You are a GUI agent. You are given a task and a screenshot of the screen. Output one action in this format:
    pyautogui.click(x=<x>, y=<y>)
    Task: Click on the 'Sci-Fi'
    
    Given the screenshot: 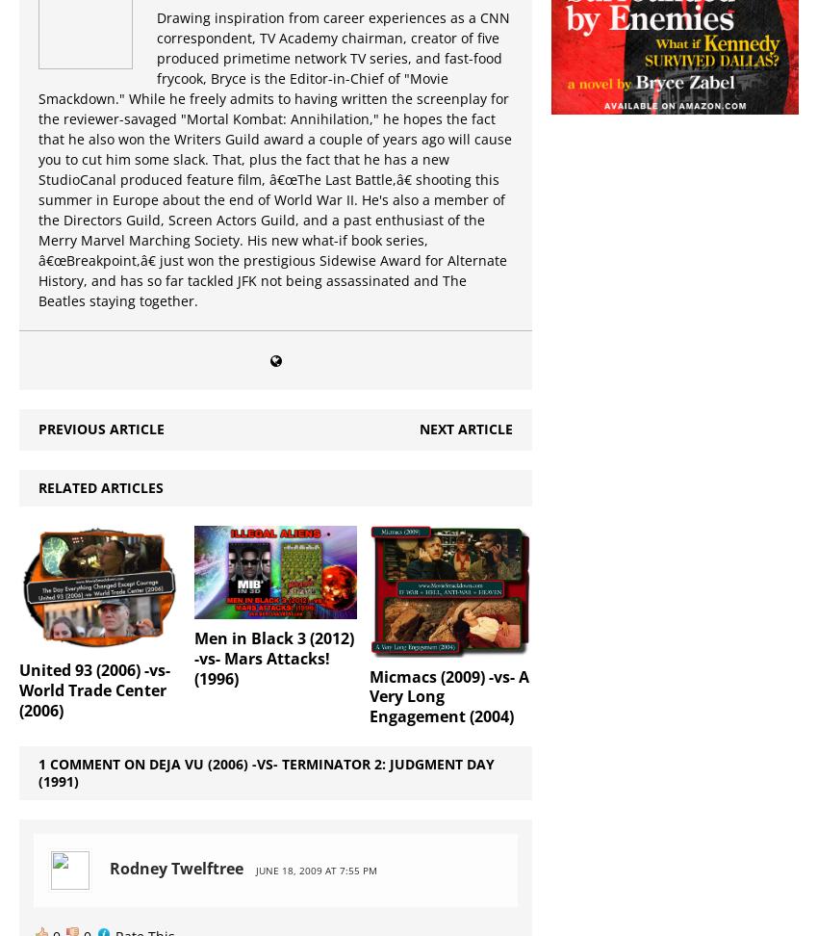 What is the action you would take?
    pyautogui.click(x=153, y=206)
    